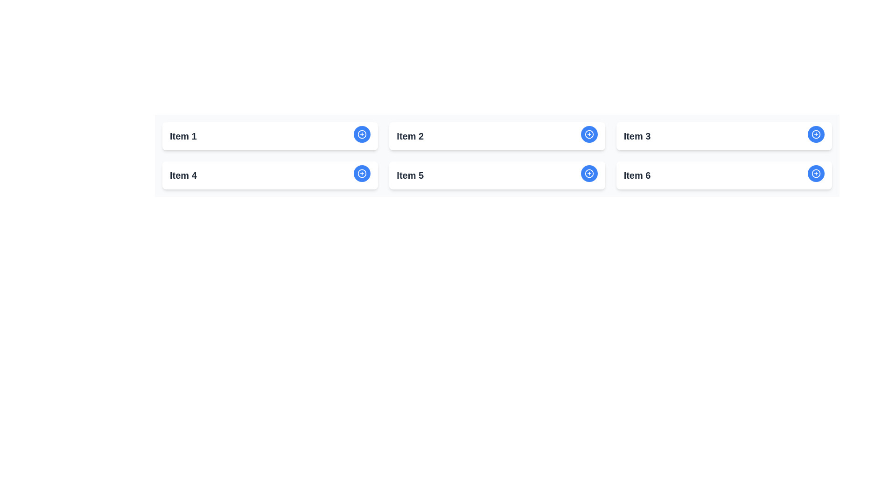  I want to click on the bold, extra-large dark gray text label displaying 'Item 1', which is the leftmost item in its row, so click(183, 136).